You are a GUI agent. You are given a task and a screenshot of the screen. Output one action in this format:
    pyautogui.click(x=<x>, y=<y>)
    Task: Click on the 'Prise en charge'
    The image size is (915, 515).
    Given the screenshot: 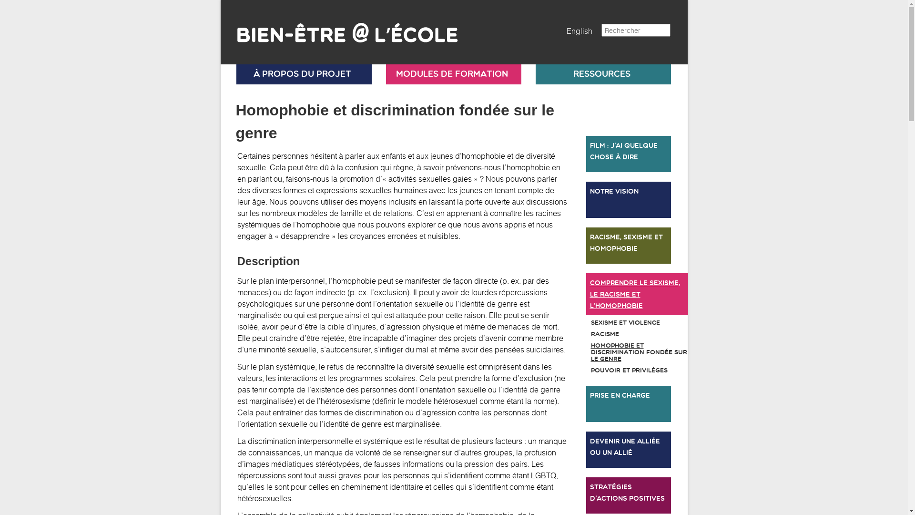 What is the action you would take?
    pyautogui.click(x=629, y=404)
    